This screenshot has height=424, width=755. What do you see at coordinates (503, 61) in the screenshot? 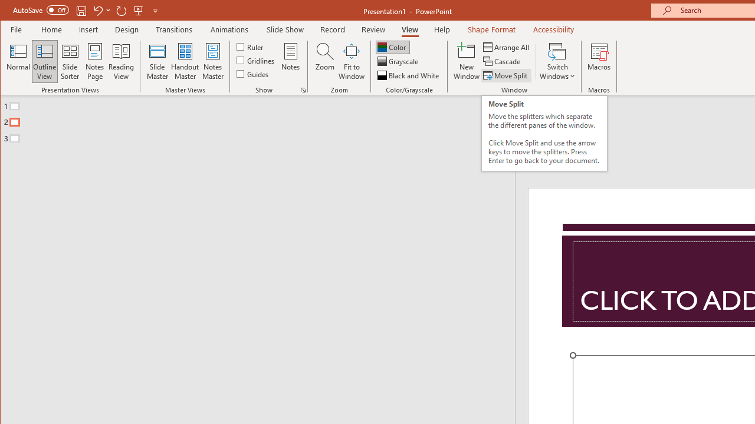
I see `'Cascade'` at bounding box center [503, 61].